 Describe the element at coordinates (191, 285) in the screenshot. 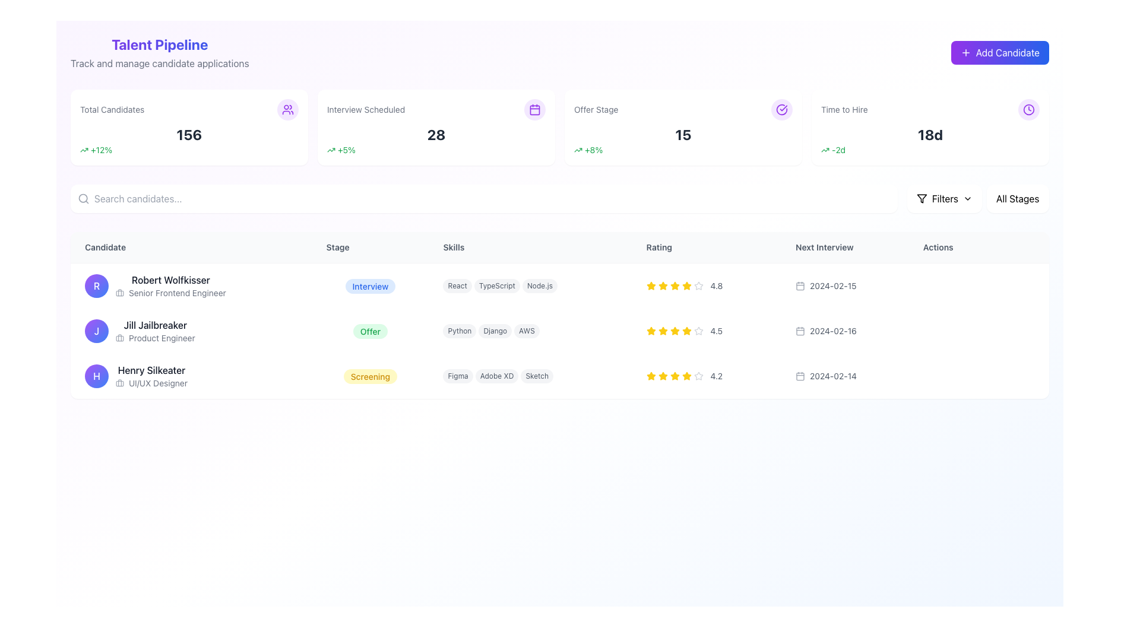

I see `the text label with the name 'Robert Wolfkisser' and the title 'Senior Frontend Engineer'` at that location.